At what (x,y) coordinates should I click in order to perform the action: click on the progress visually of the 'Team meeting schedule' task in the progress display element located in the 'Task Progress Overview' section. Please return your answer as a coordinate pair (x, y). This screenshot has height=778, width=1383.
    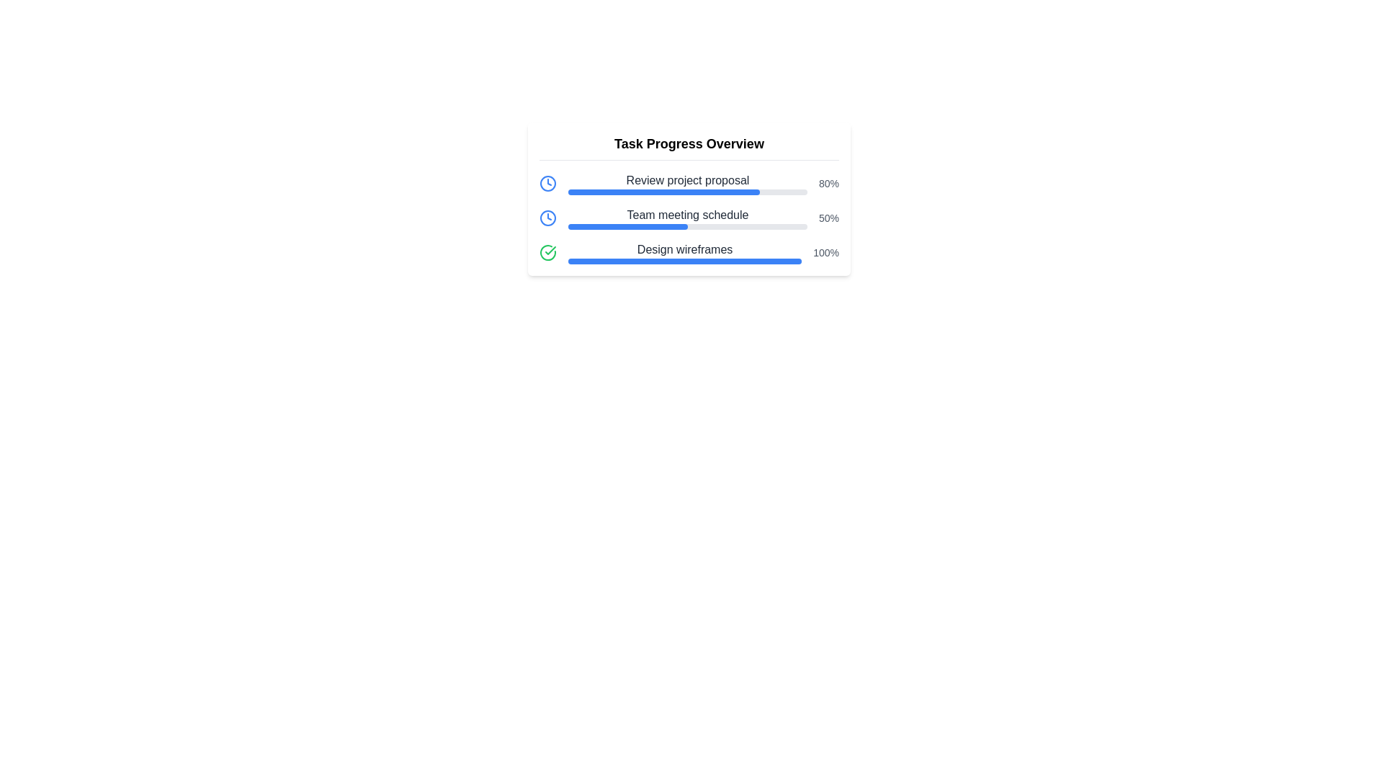
    Looking at the image, I should click on (688, 218).